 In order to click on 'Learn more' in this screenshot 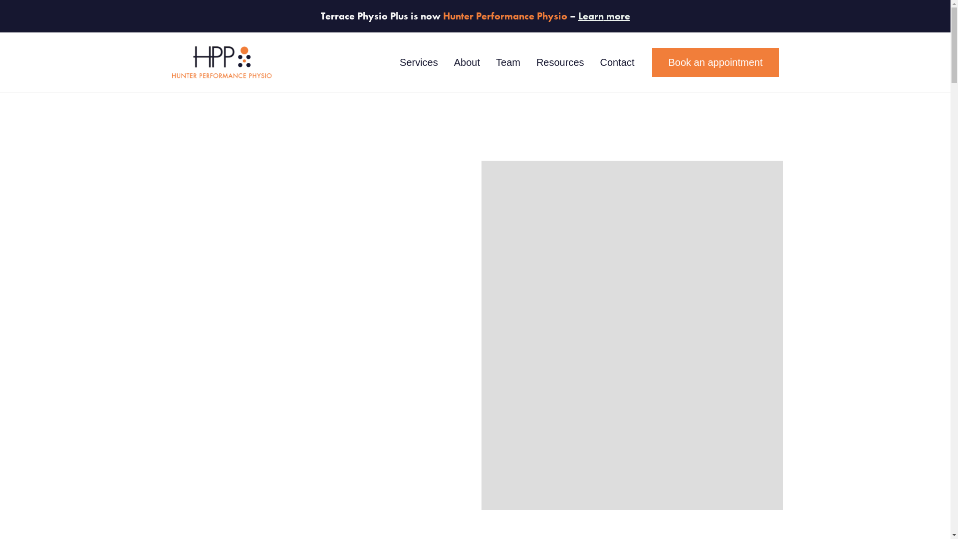, I will do `click(577, 15)`.